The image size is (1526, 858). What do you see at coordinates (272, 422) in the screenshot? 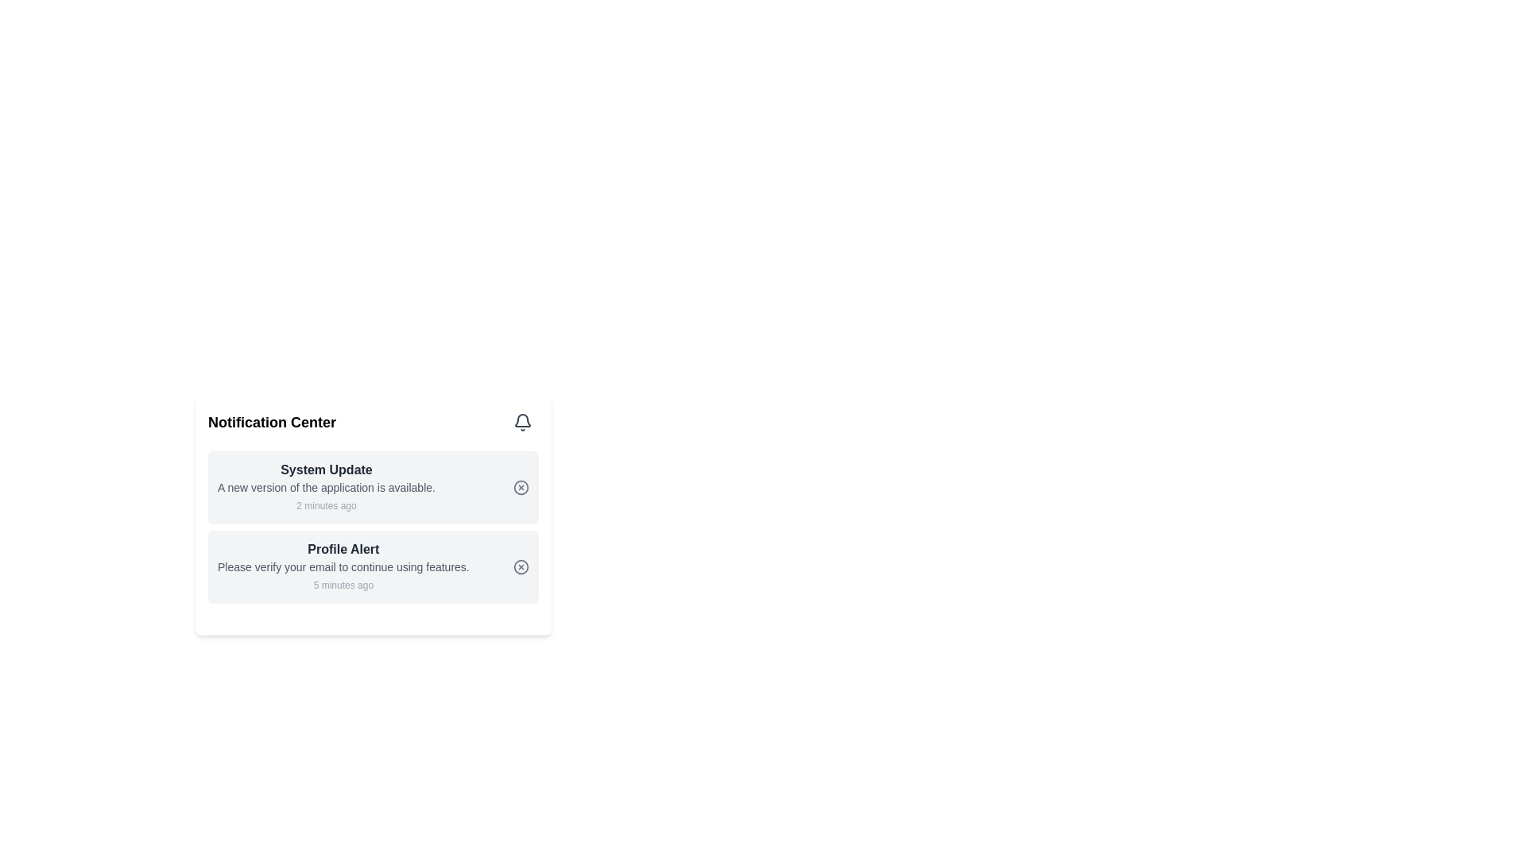
I see `the static header text label for the notification section, which is located to the left of an interactive bell icon` at bounding box center [272, 422].